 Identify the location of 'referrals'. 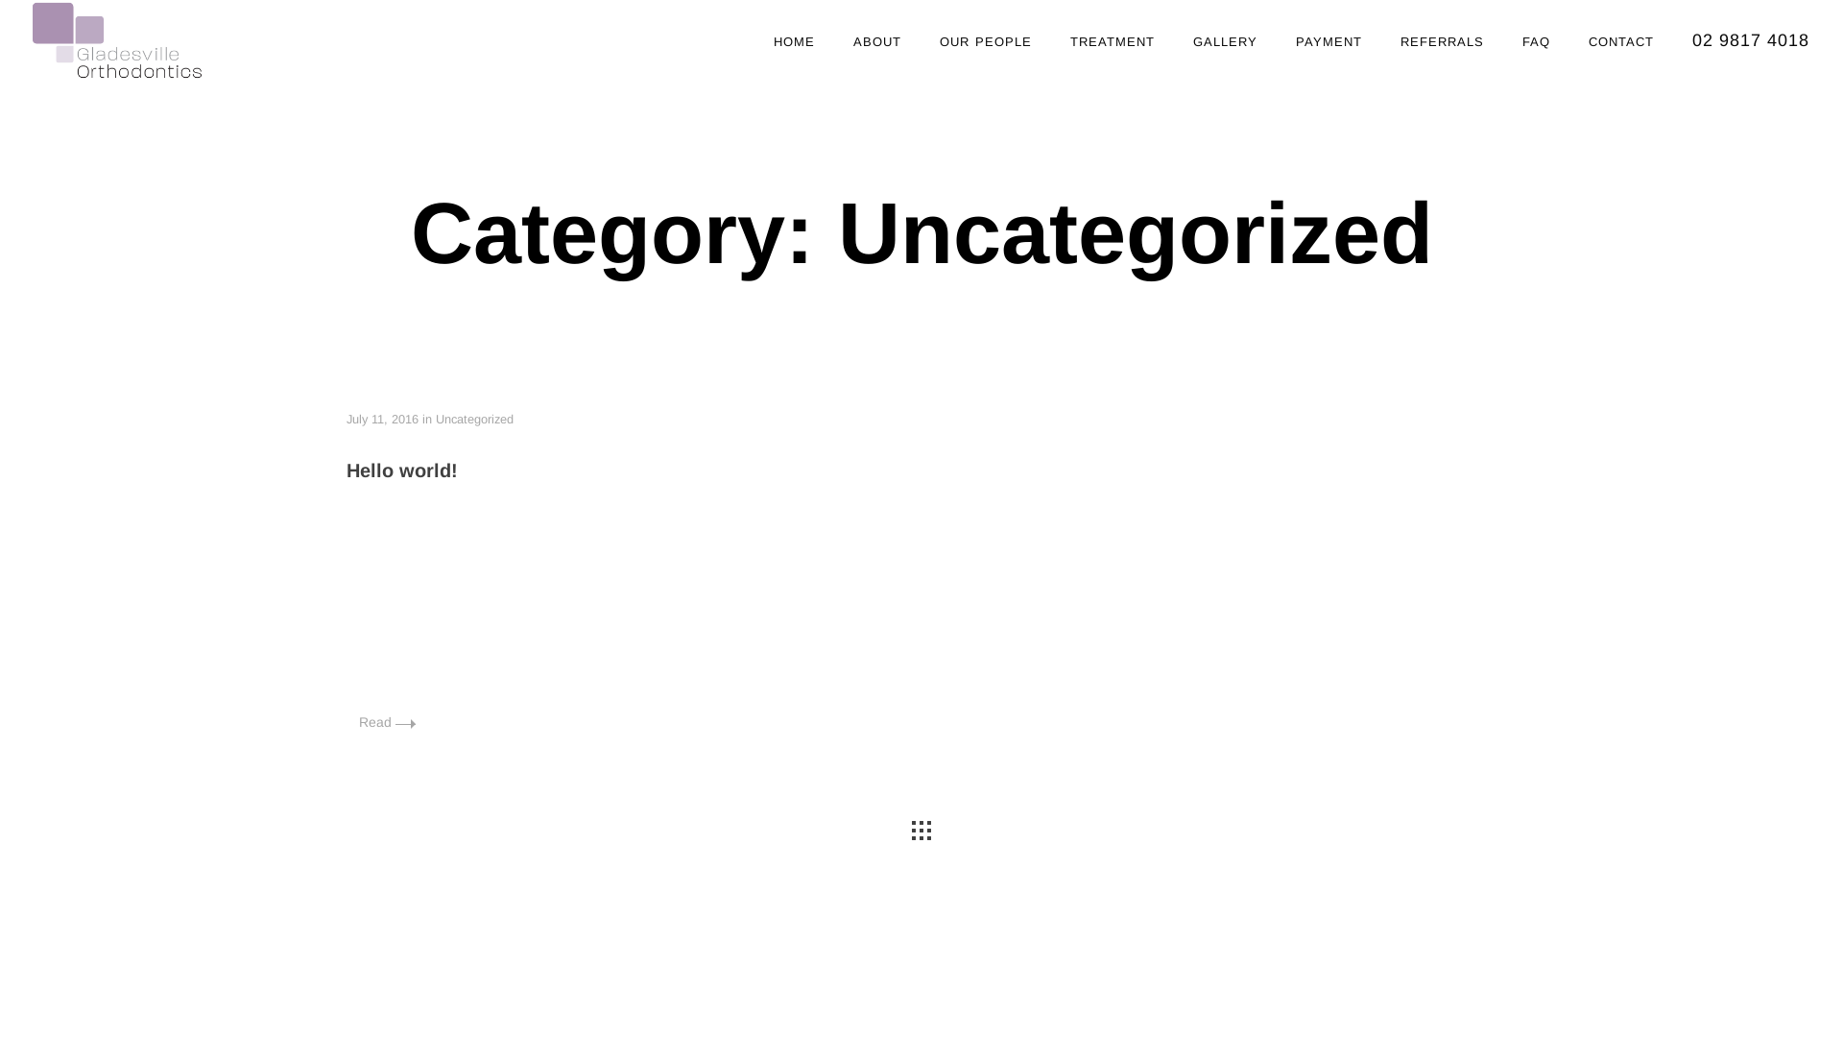
(1442, 40).